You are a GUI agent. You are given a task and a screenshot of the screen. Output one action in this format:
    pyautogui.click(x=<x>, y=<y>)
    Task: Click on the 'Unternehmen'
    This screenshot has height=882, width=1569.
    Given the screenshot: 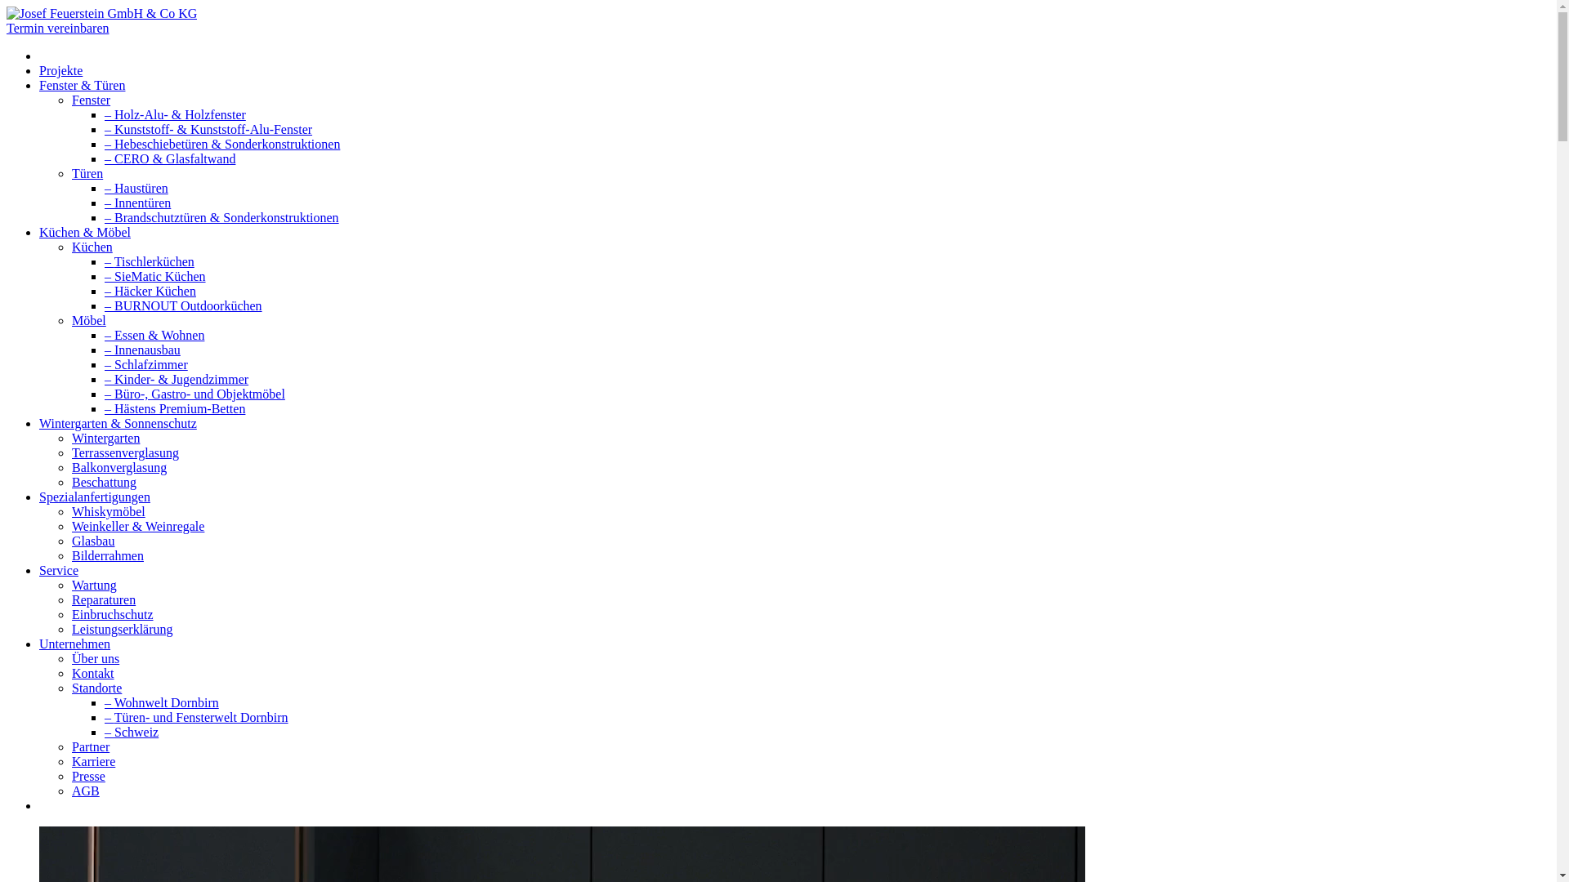 What is the action you would take?
    pyautogui.click(x=74, y=643)
    